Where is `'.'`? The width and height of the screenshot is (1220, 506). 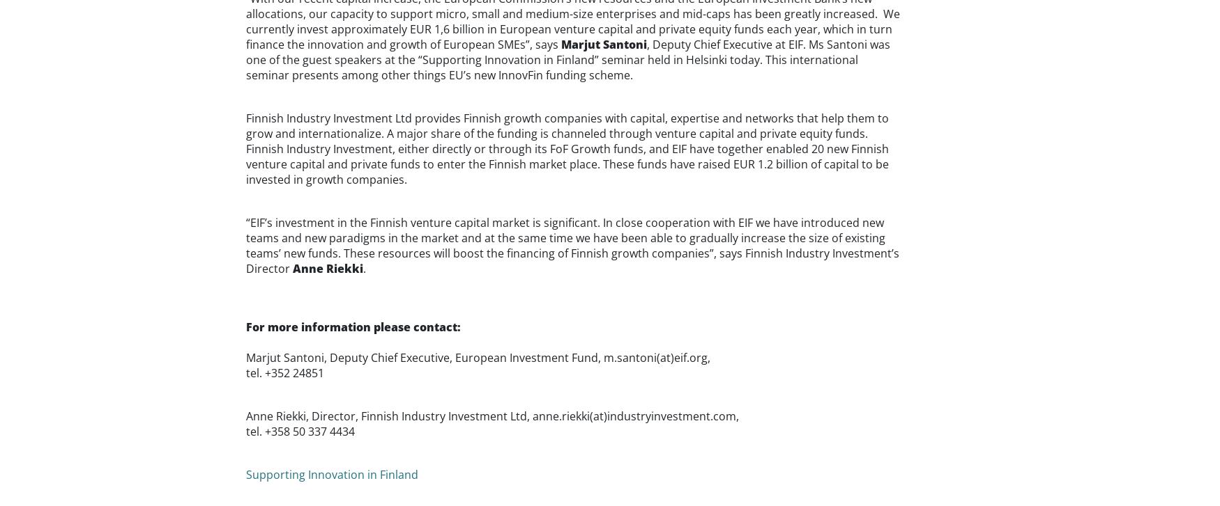
'.' is located at coordinates (363, 267).